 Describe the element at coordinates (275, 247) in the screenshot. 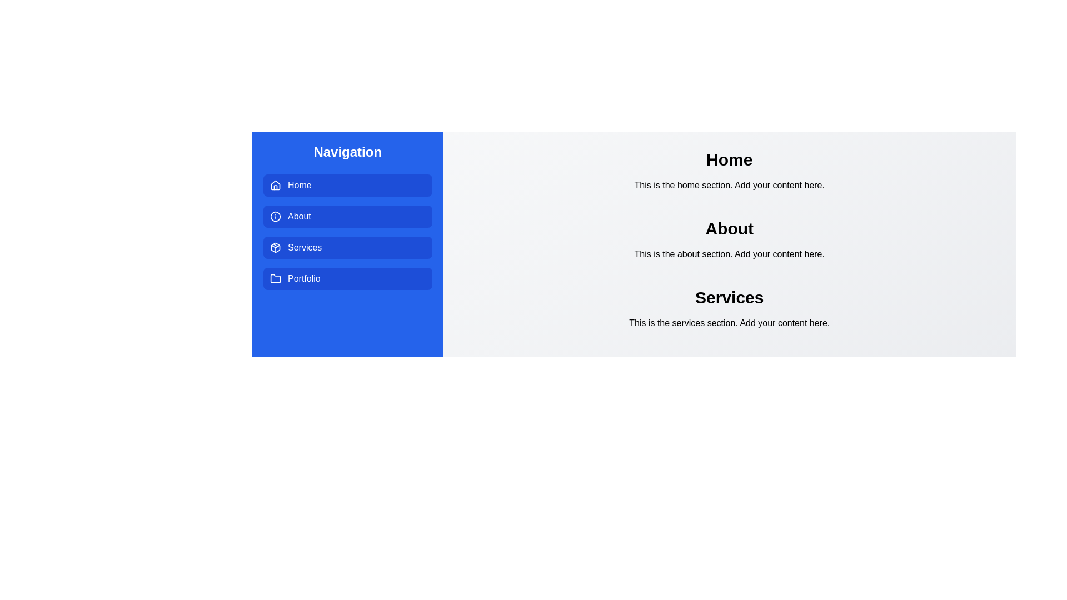

I see `the 'Services' icon located in the navigation panel on the left side of the layout` at that location.